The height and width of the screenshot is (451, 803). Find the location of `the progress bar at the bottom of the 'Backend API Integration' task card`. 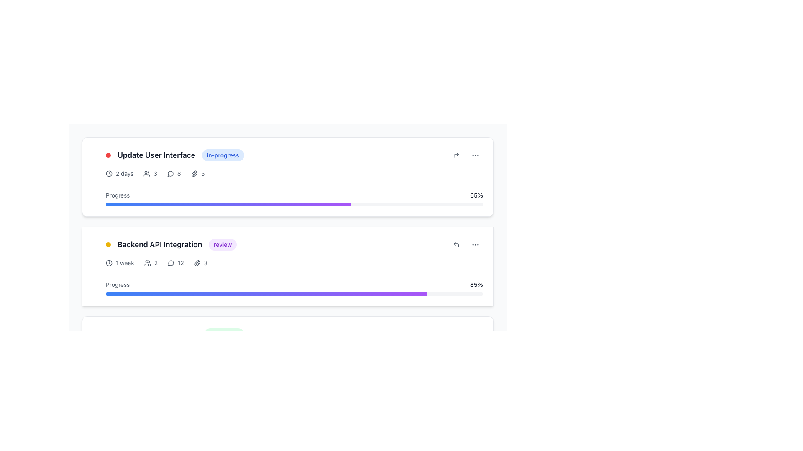

the progress bar at the bottom of the 'Backend API Integration' task card is located at coordinates (294, 284).